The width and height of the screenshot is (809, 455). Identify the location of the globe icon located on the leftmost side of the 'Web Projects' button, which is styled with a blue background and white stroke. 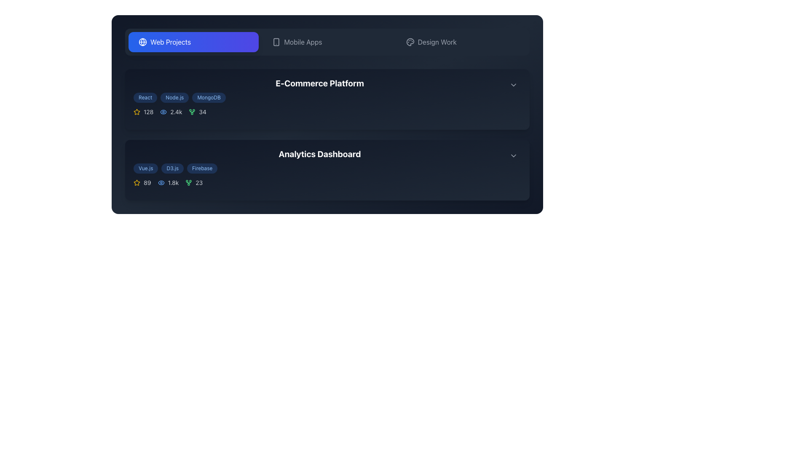
(143, 42).